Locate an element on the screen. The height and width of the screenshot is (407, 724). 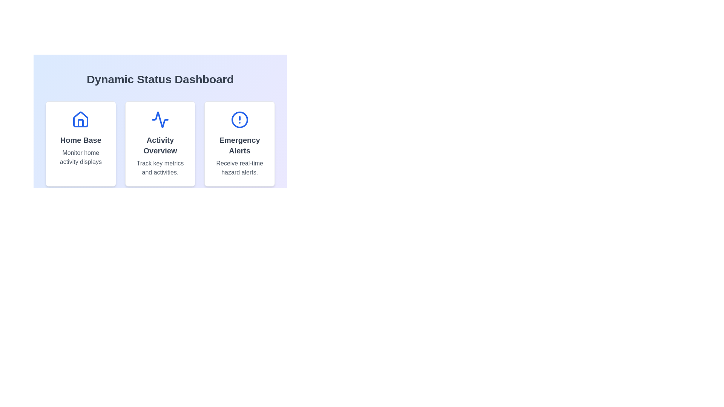
the waveform-like icon in bold blue color located at the top section of the 'Activity Overview' card, positioned above the textual content is located at coordinates (160, 119).